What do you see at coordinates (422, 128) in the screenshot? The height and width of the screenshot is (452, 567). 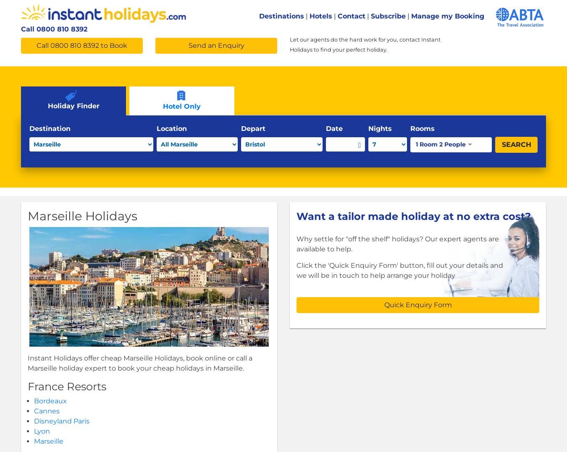 I see `'Rooms'` at bounding box center [422, 128].